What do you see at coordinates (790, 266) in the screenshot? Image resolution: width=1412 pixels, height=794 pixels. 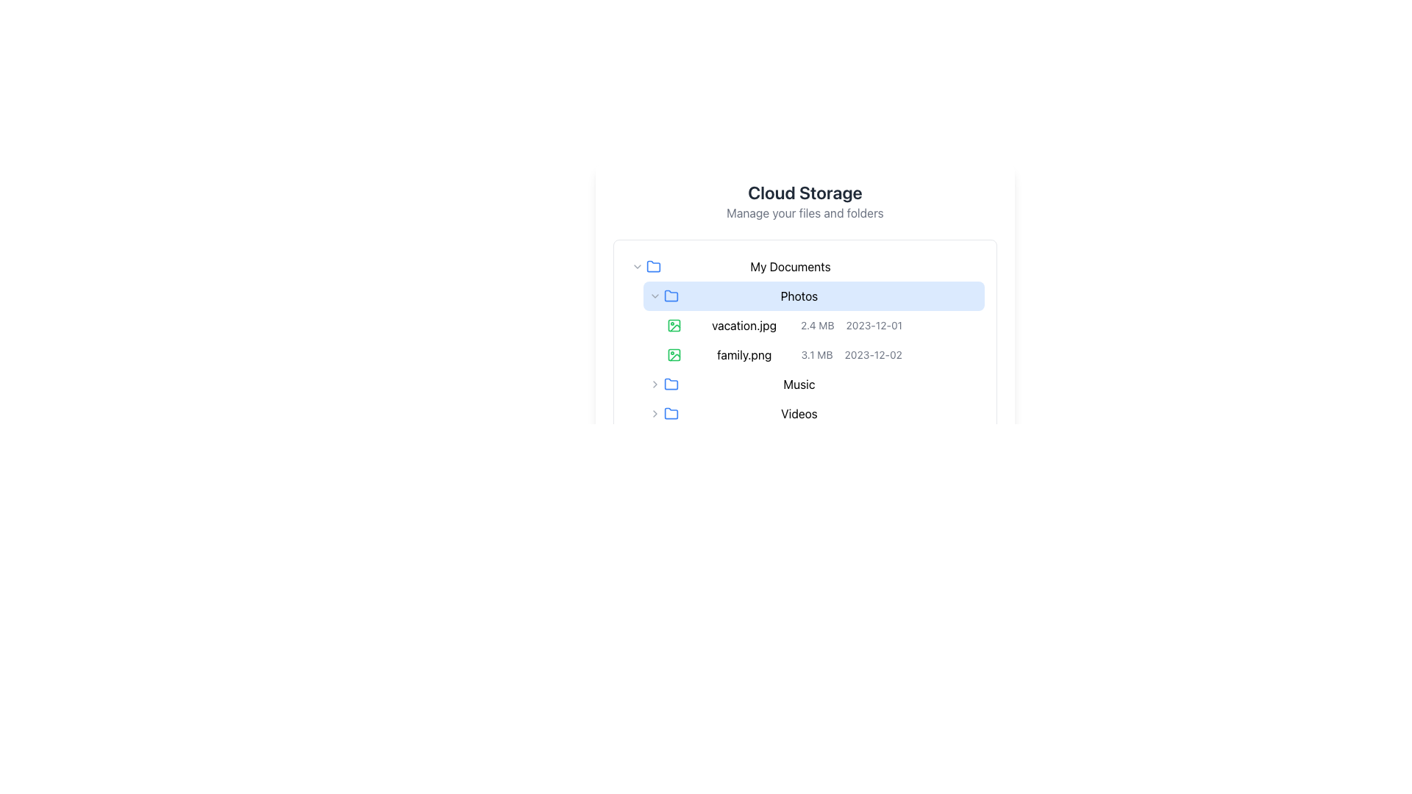 I see `the 'My Documents' label which is styled in a clean and modern typography within the Cloud Storage interface` at bounding box center [790, 266].